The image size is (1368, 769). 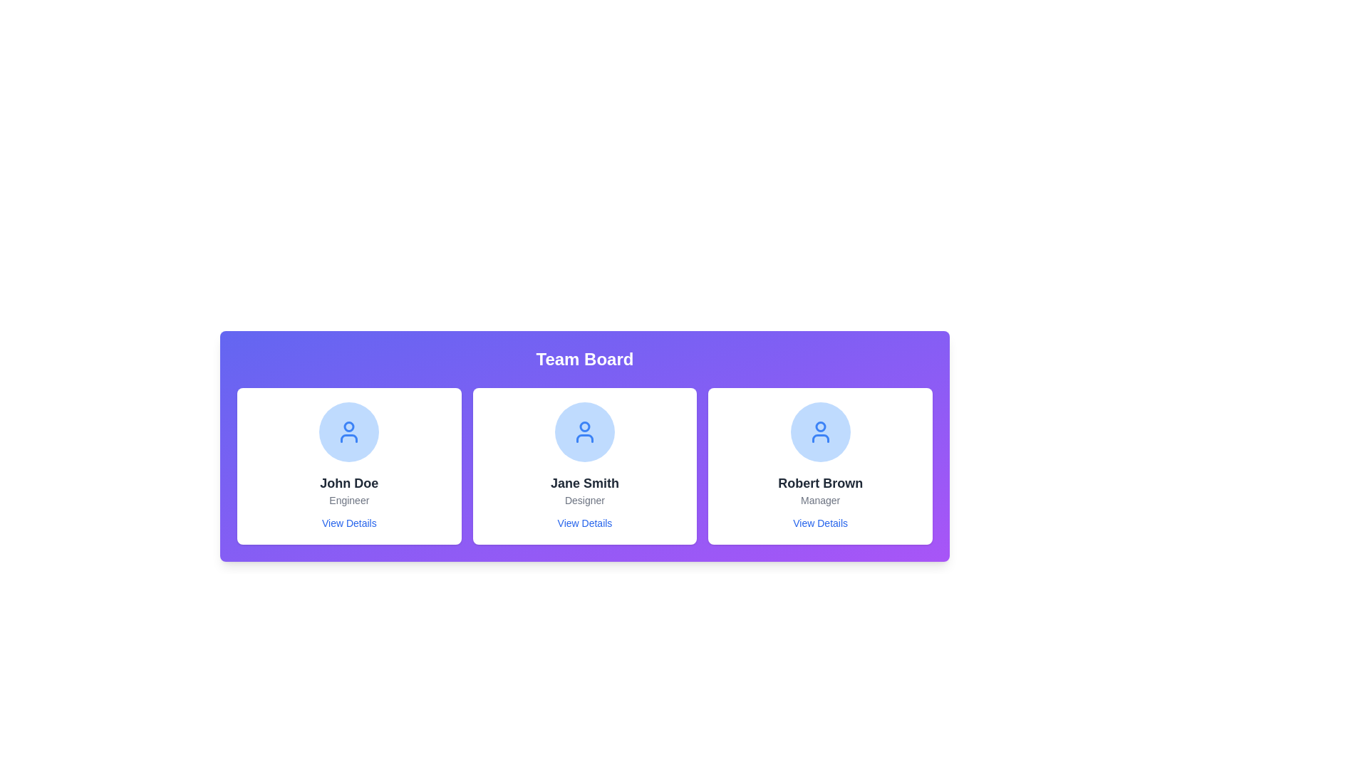 I want to click on the interactive link for 'Jane Smith', so click(x=584, y=523).